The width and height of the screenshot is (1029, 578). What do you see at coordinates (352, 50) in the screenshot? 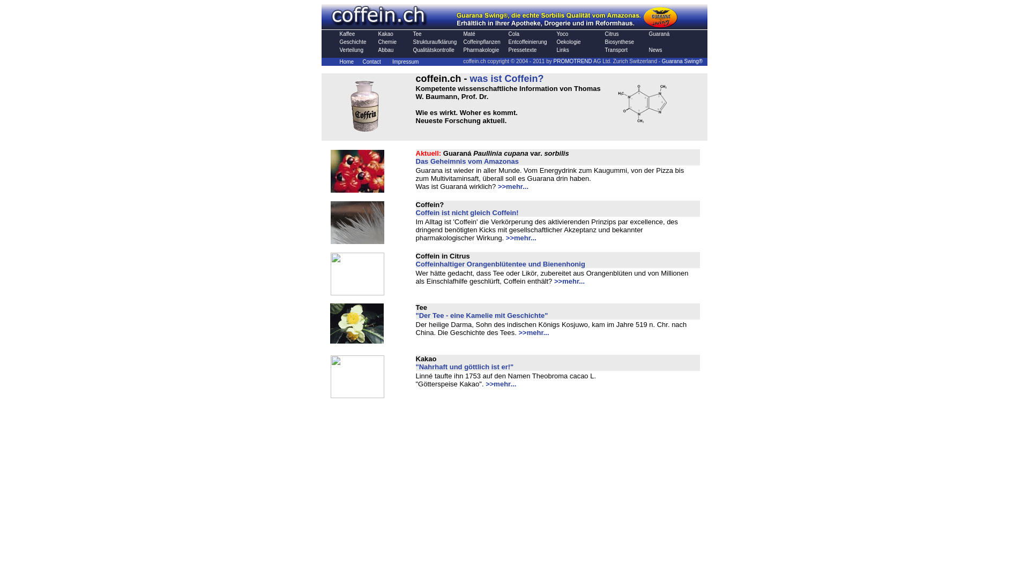
I see `'Verteilung'` at bounding box center [352, 50].